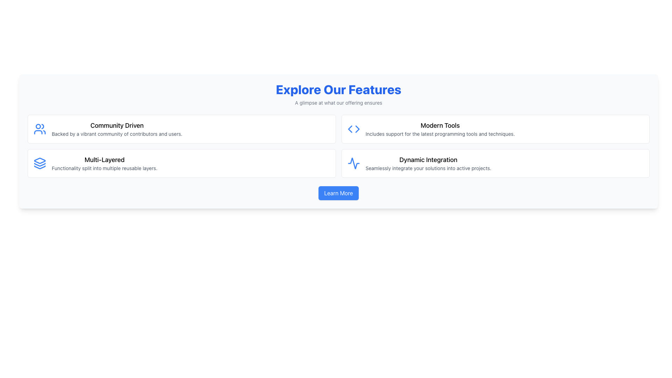  I want to click on information displayed in the textual composite element that includes the heading 'Explore Our Features' and the subtitle 'A glimpse at what our offering ensures', so click(338, 94).